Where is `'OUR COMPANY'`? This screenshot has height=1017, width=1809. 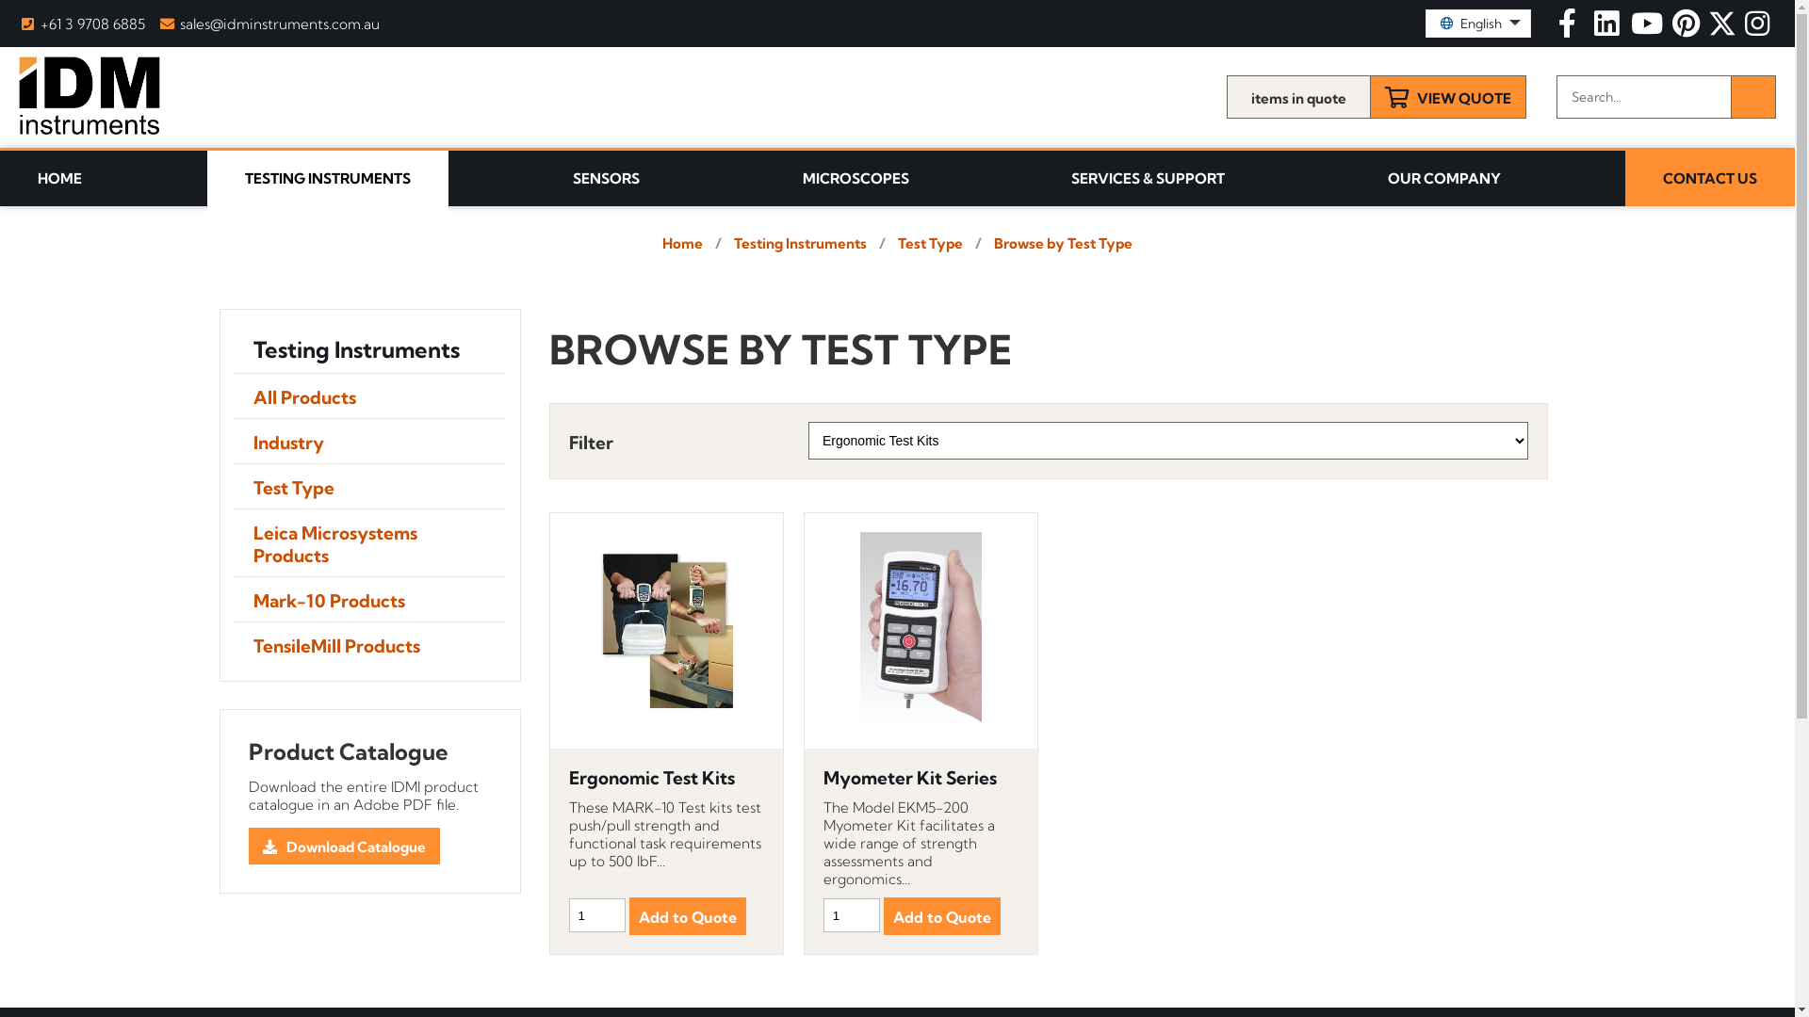
'OUR COMPANY' is located at coordinates (1347, 178).